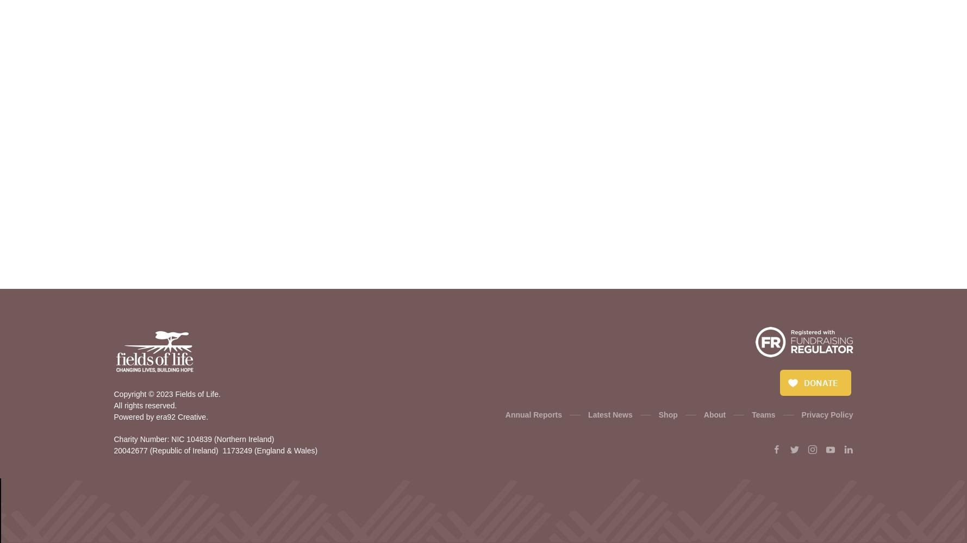 This screenshot has width=967, height=543. Describe the element at coordinates (587, 415) in the screenshot. I see `'Latest News'` at that location.